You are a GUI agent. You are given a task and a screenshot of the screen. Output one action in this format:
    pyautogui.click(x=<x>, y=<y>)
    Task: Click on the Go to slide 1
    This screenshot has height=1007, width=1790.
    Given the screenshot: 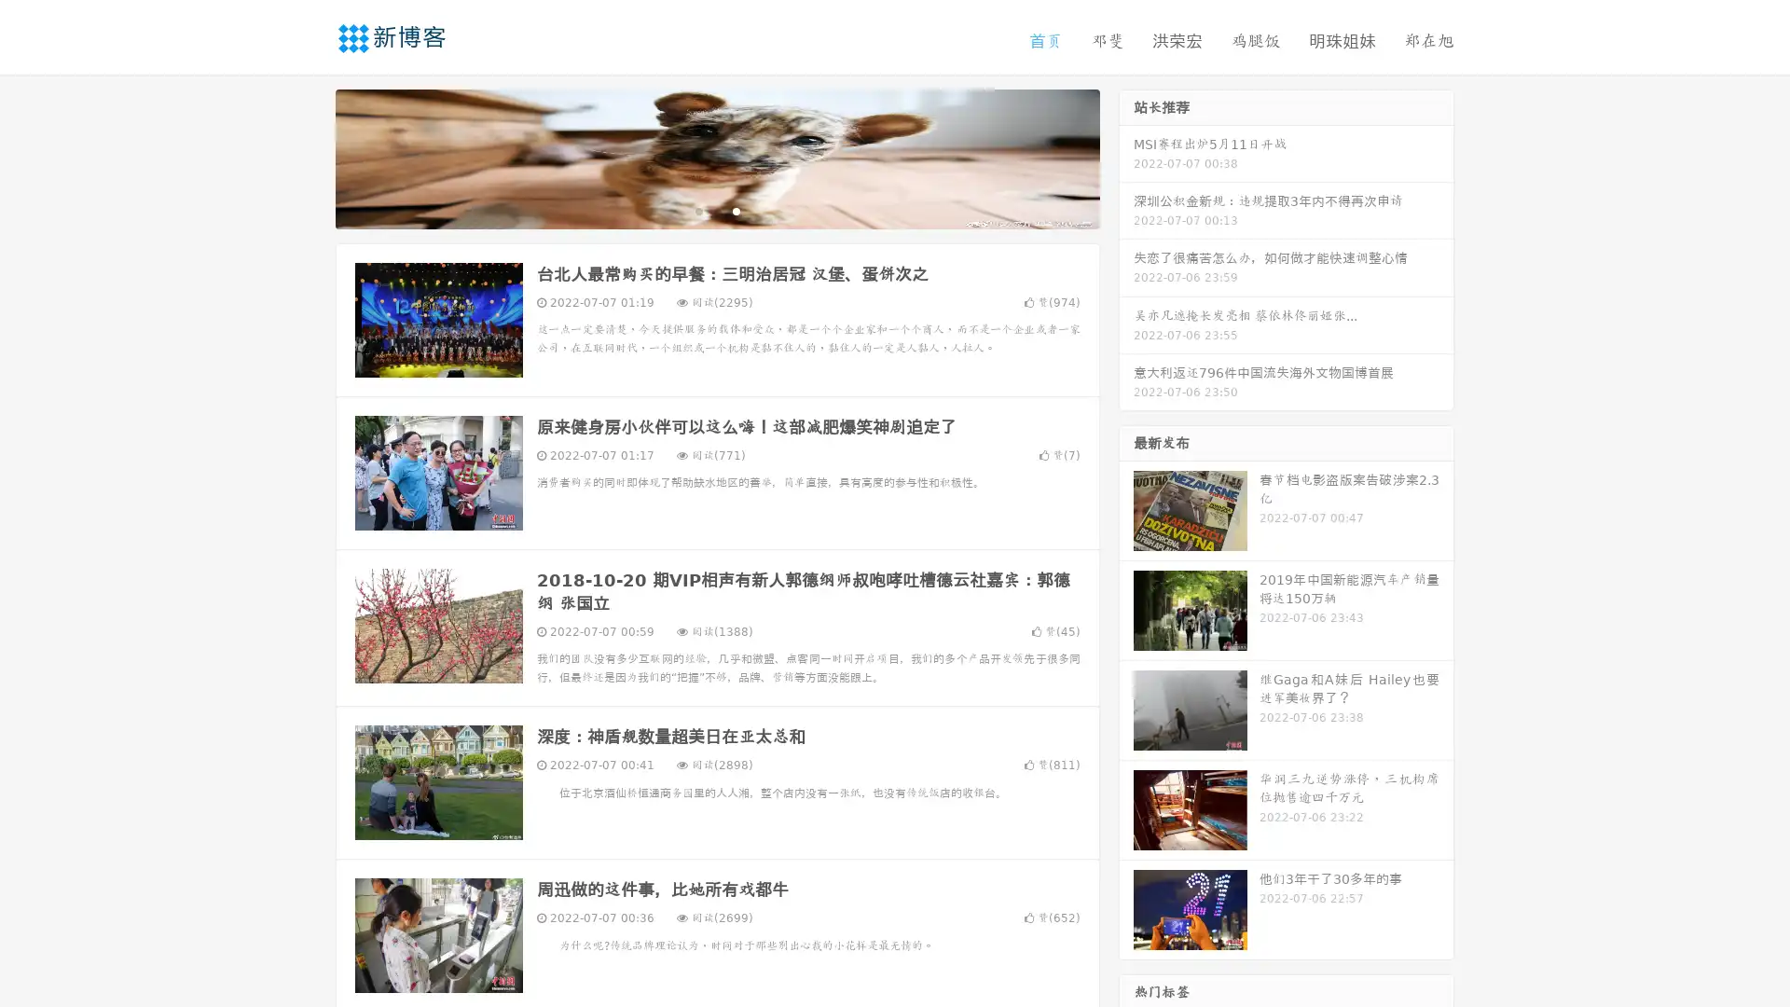 What is the action you would take?
    pyautogui.click(x=697, y=210)
    